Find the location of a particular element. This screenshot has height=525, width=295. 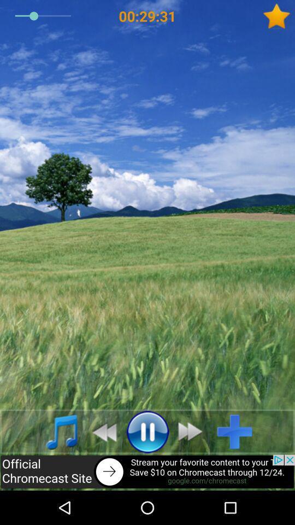

previous is located at coordinates (101, 431).